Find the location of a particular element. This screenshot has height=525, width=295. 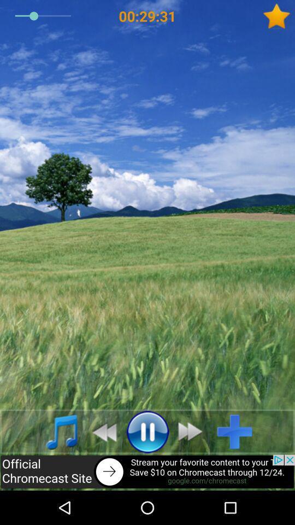

previous is located at coordinates (101, 431).